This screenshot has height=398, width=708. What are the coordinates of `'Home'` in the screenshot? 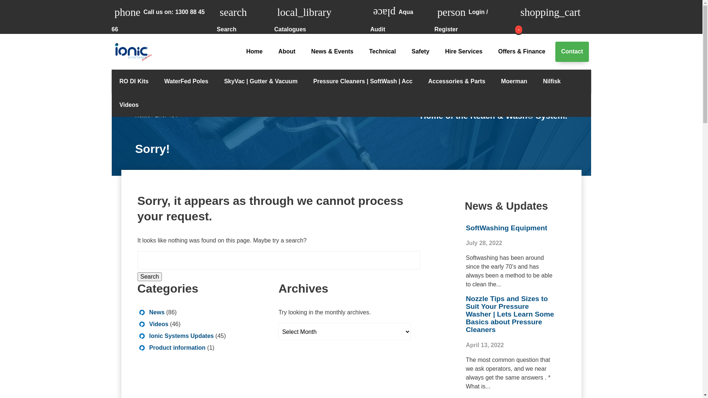 It's located at (254, 51).